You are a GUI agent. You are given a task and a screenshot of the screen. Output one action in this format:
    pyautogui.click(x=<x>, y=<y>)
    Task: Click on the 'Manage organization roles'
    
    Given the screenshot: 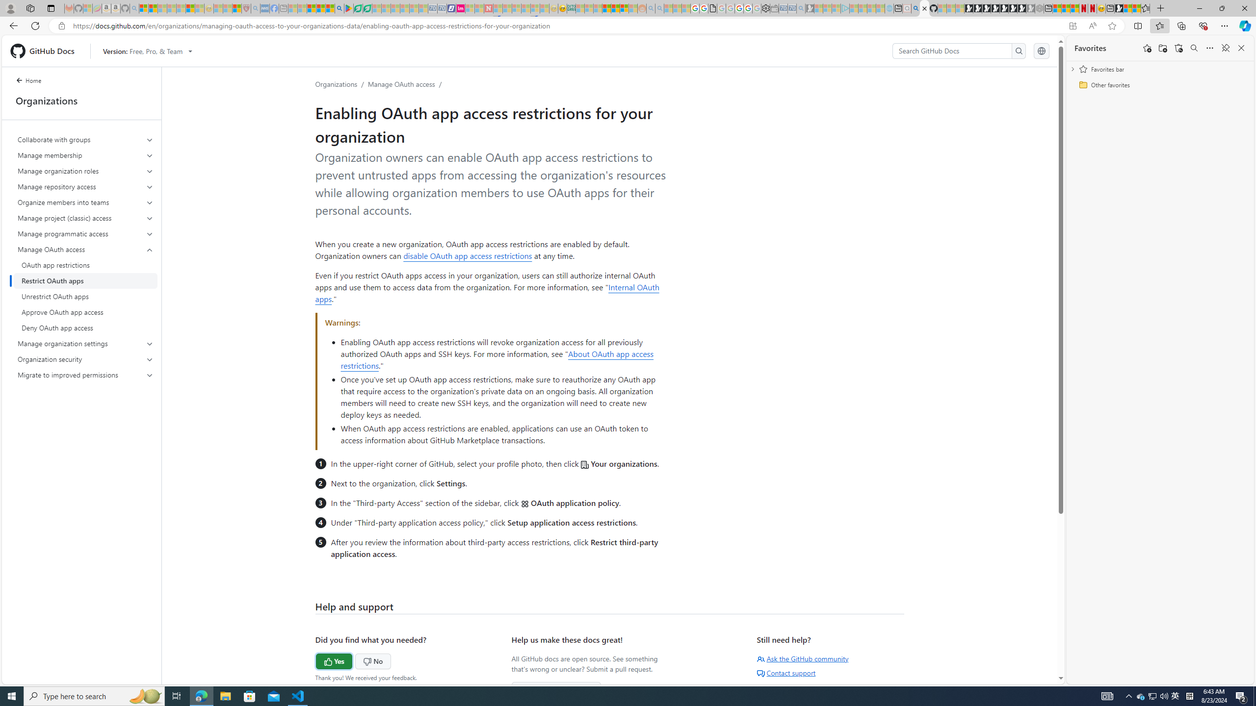 What is the action you would take?
    pyautogui.click(x=86, y=171)
    